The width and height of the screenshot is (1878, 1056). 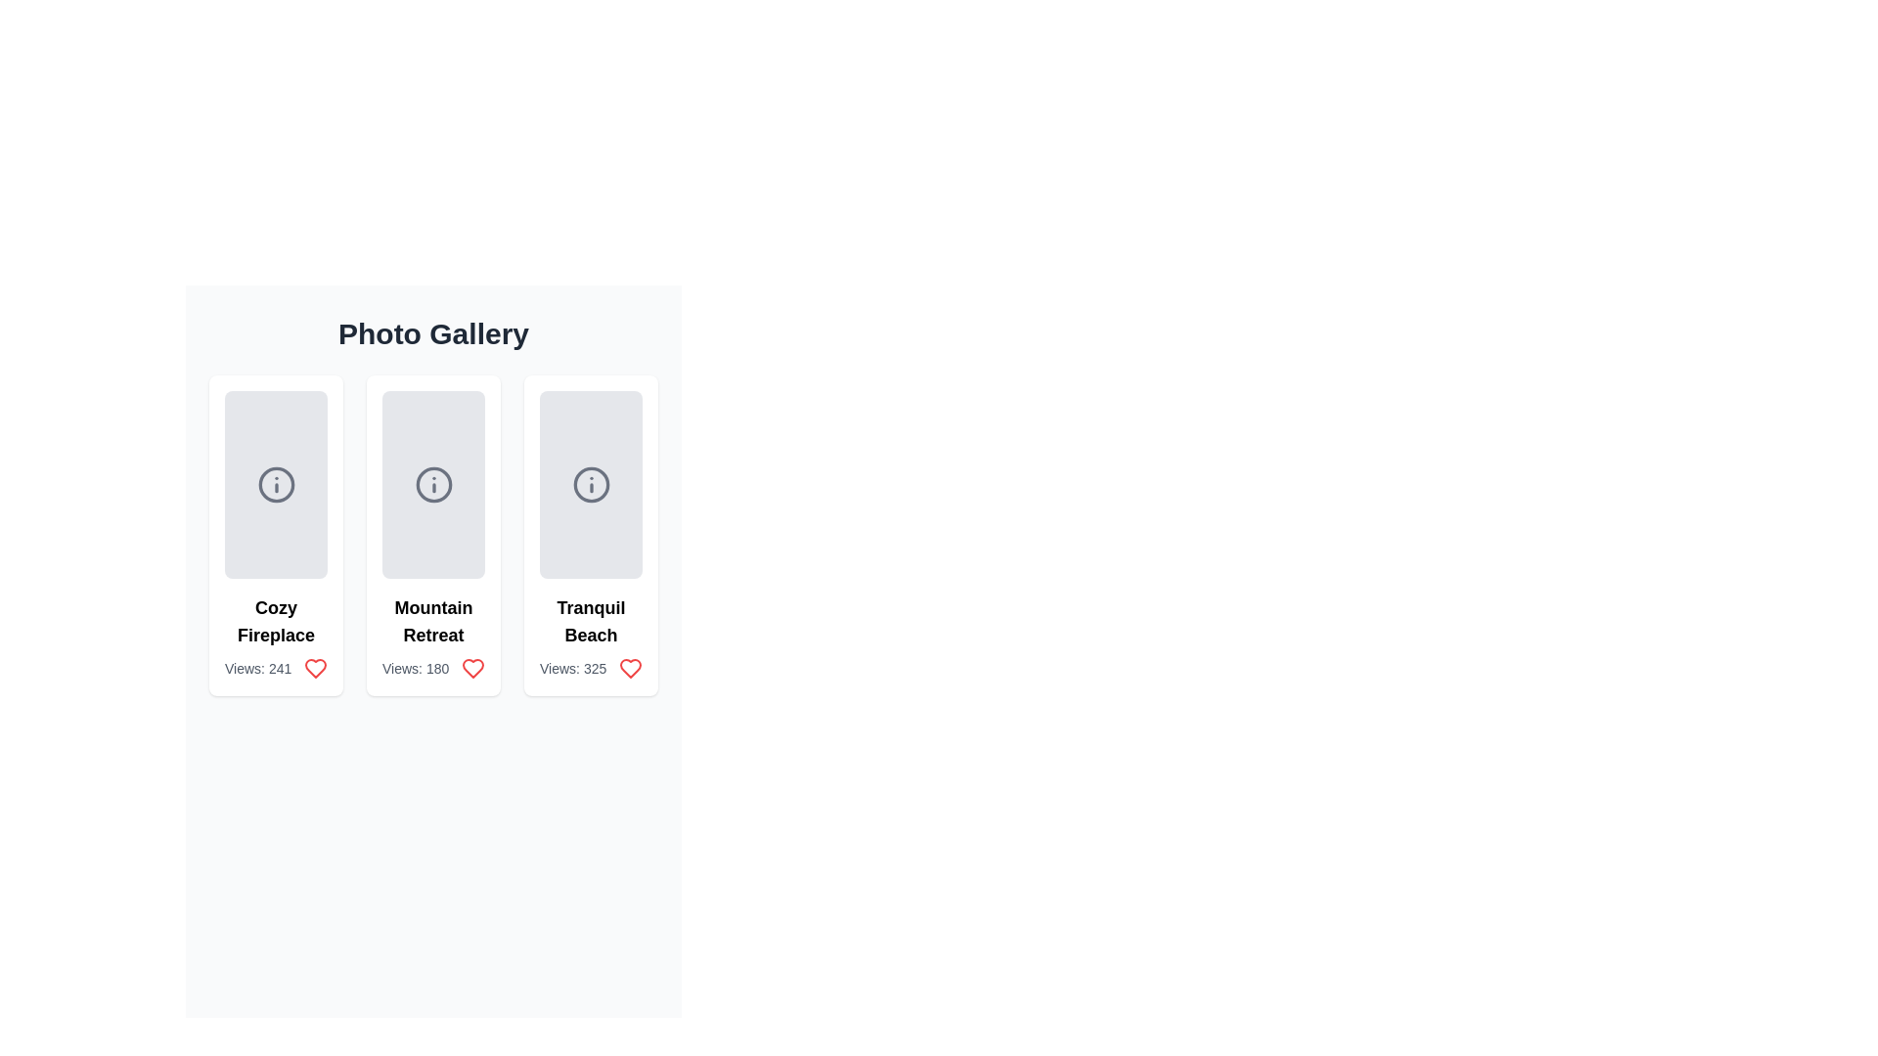 What do you see at coordinates (432, 622) in the screenshot?
I see `text from the Text Label that serves as the title for the middle card in the horizontally aligned row under 'Photo Gallery'` at bounding box center [432, 622].